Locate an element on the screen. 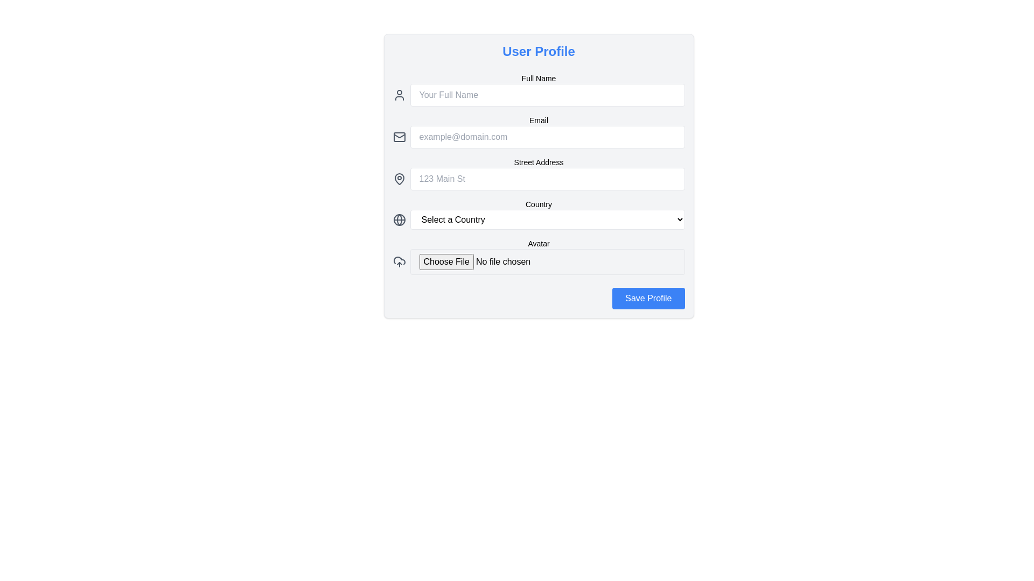 Image resolution: width=1034 pixels, height=581 pixels. the 'Save Profile' button is located at coordinates (648, 299).